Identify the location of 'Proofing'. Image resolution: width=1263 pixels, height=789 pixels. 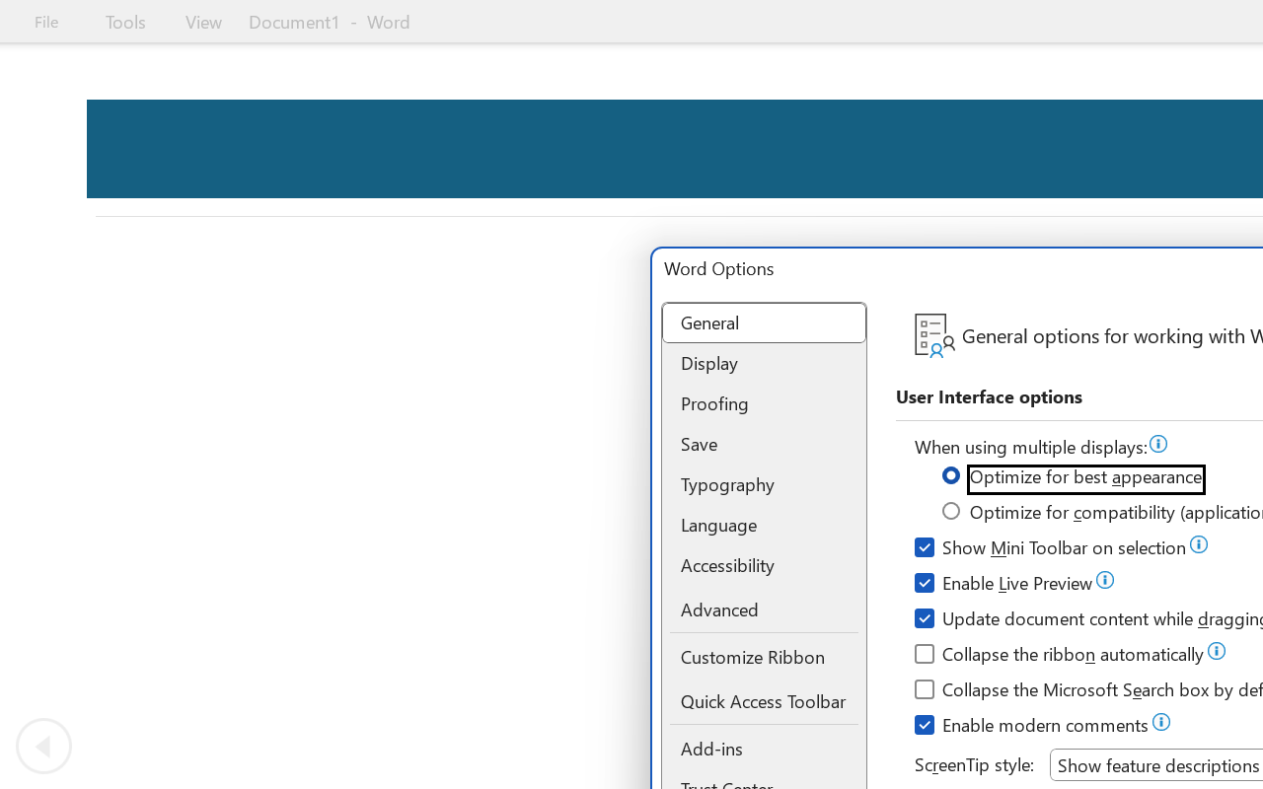
(763, 403).